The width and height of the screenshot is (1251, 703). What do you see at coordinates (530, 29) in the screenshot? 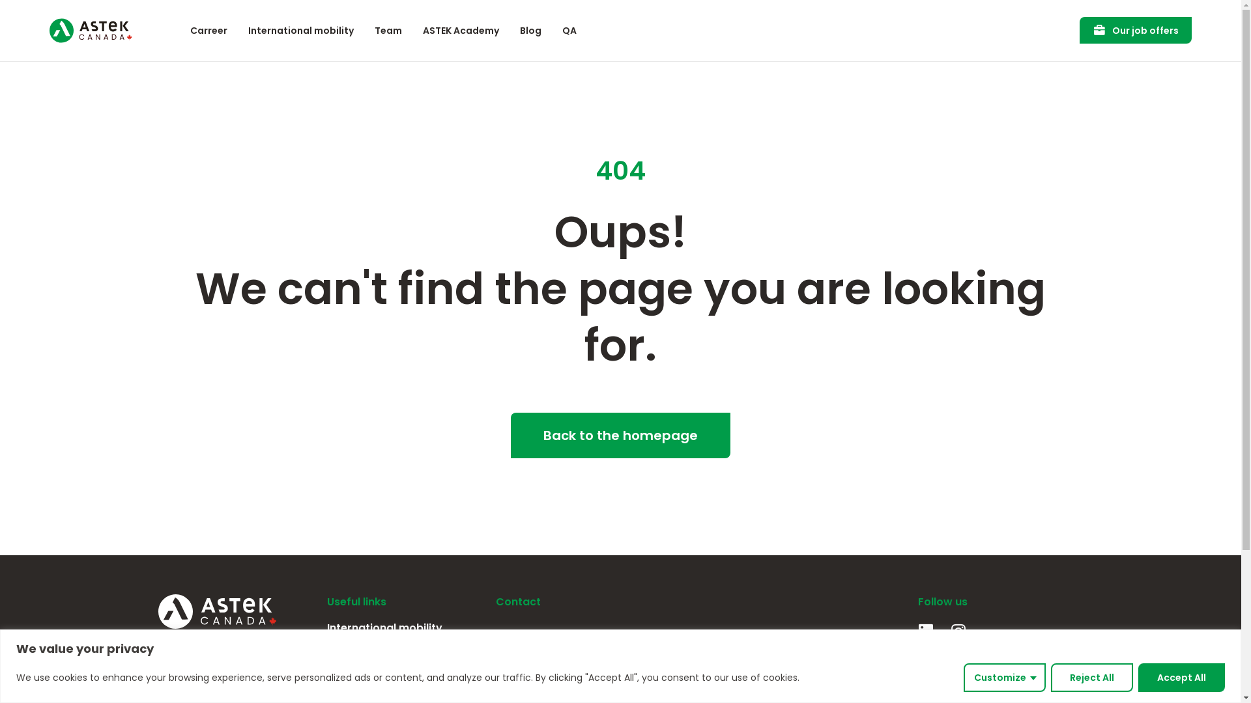
I see `'Blog'` at bounding box center [530, 29].